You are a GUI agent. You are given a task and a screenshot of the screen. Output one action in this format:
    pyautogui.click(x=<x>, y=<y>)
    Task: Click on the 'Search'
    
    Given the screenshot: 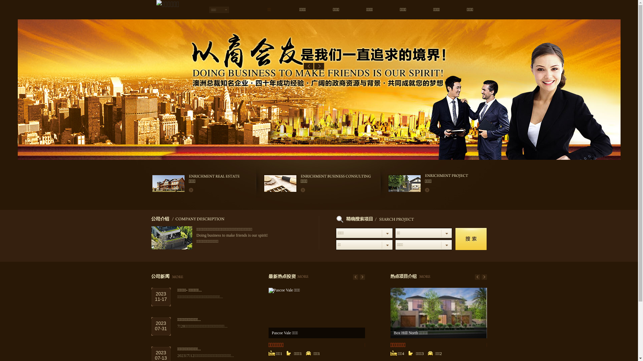 What is the action you would take?
    pyautogui.click(x=455, y=238)
    